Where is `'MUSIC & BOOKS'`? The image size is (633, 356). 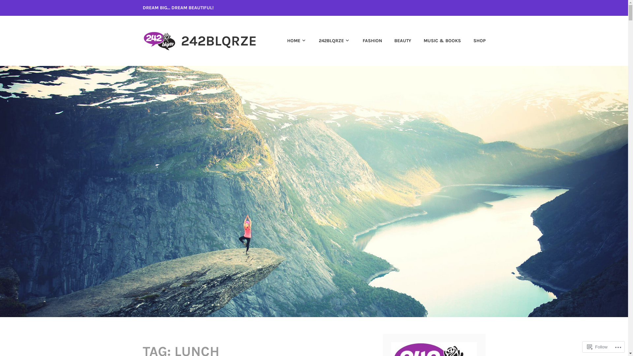 'MUSIC & BOOKS' is located at coordinates (437, 41).